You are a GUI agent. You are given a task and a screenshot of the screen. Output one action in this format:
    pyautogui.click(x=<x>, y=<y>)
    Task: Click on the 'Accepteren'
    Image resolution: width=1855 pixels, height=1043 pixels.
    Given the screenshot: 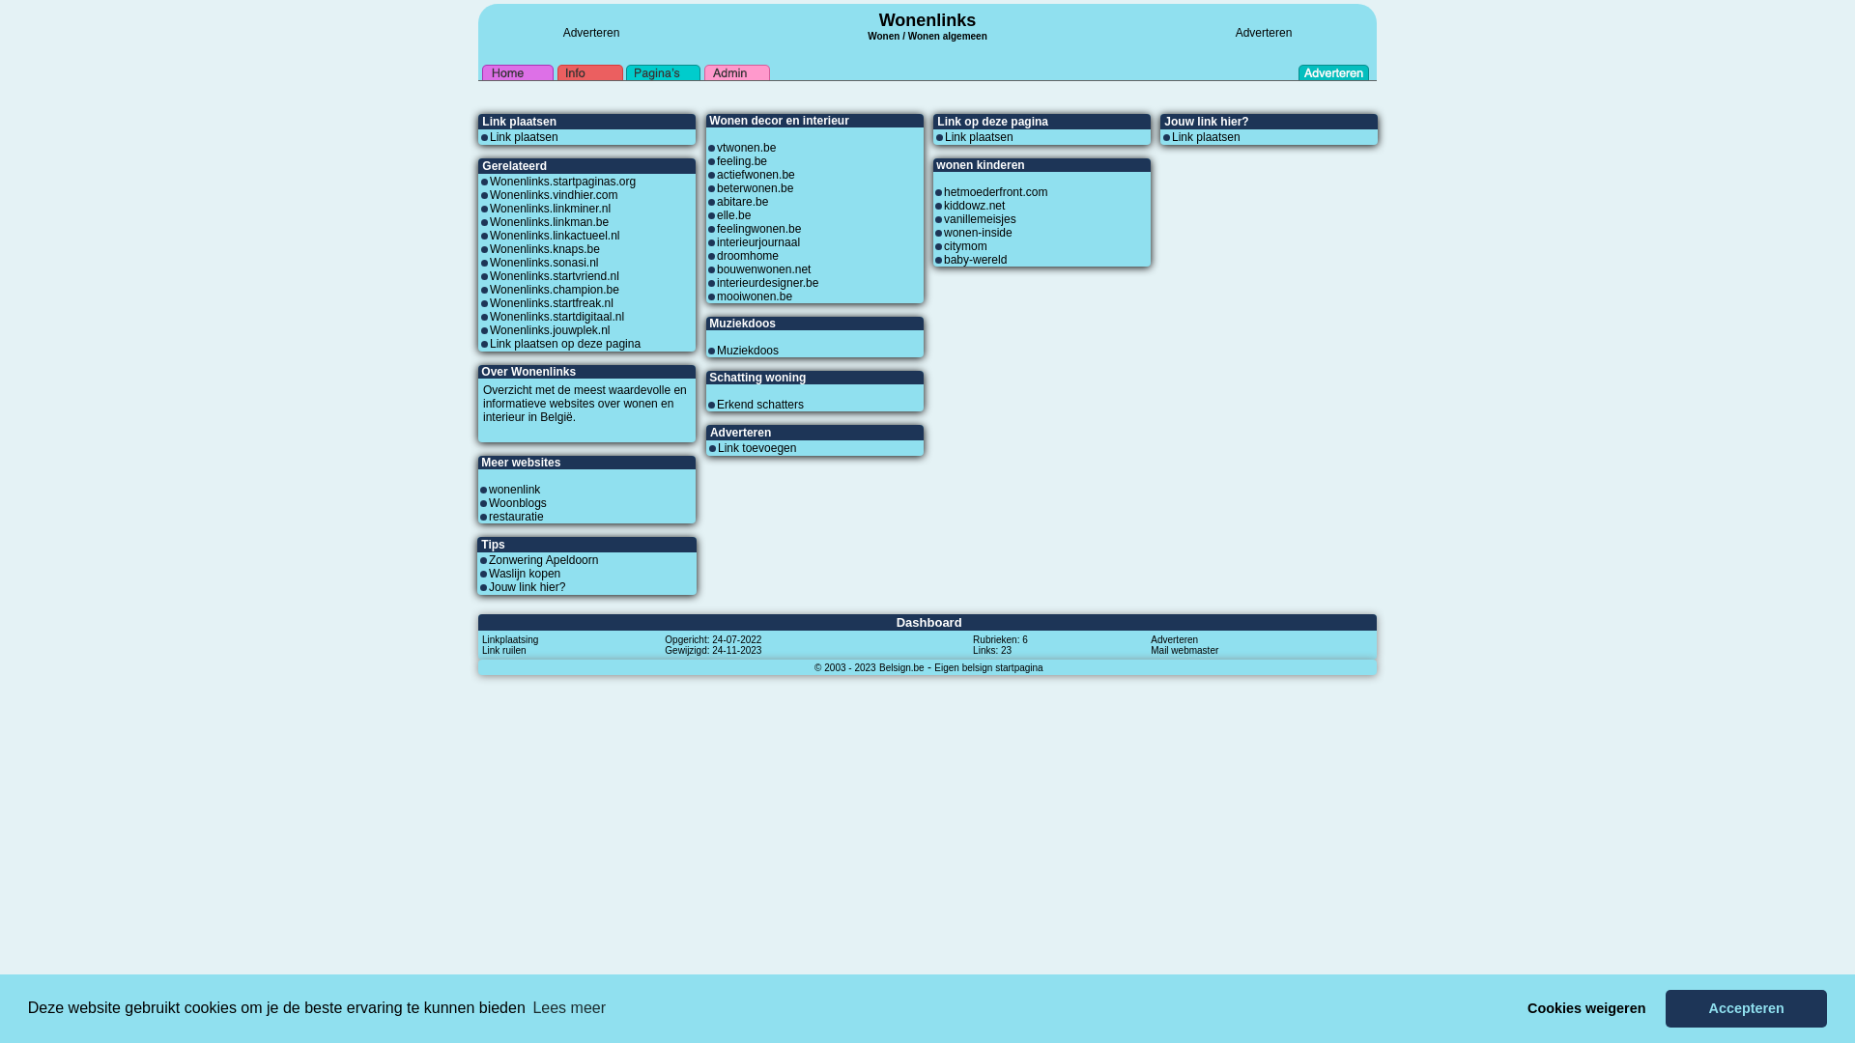 What is the action you would take?
    pyautogui.click(x=1746, y=1007)
    